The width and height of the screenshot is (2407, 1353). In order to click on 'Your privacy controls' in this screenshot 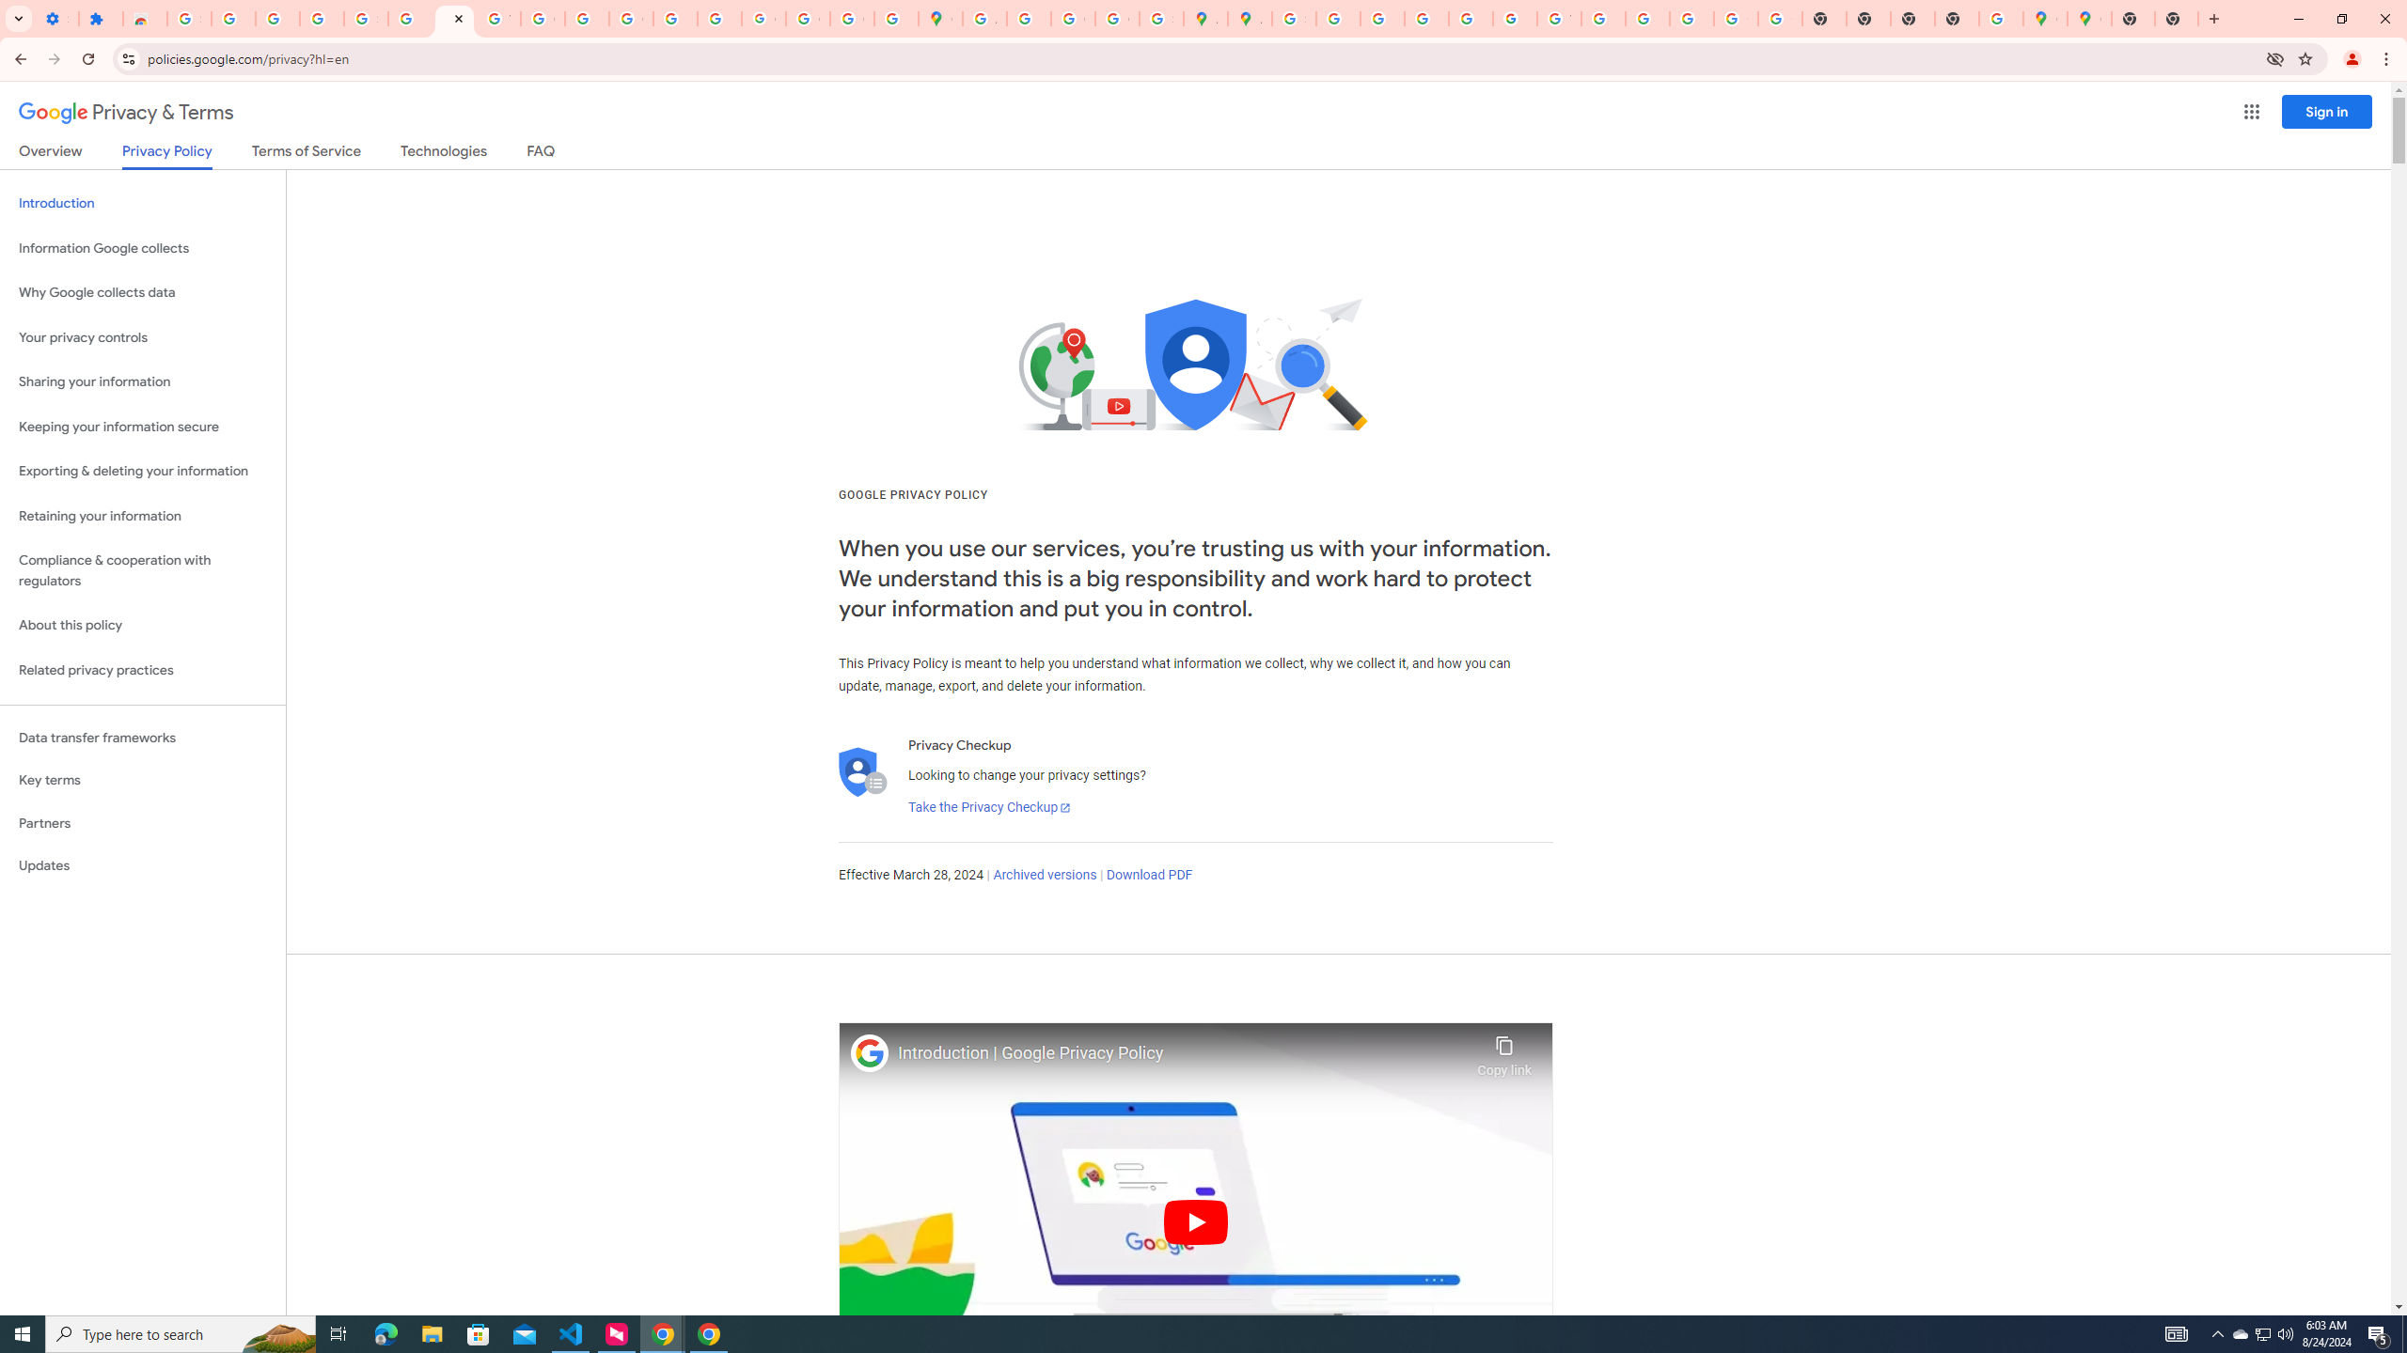, I will do `click(142, 338)`.